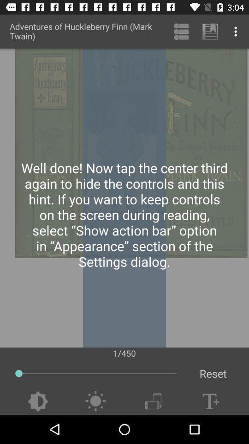 The width and height of the screenshot is (249, 444). Describe the element at coordinates (153, 401) in the screenshot. I see `menu` at that location.